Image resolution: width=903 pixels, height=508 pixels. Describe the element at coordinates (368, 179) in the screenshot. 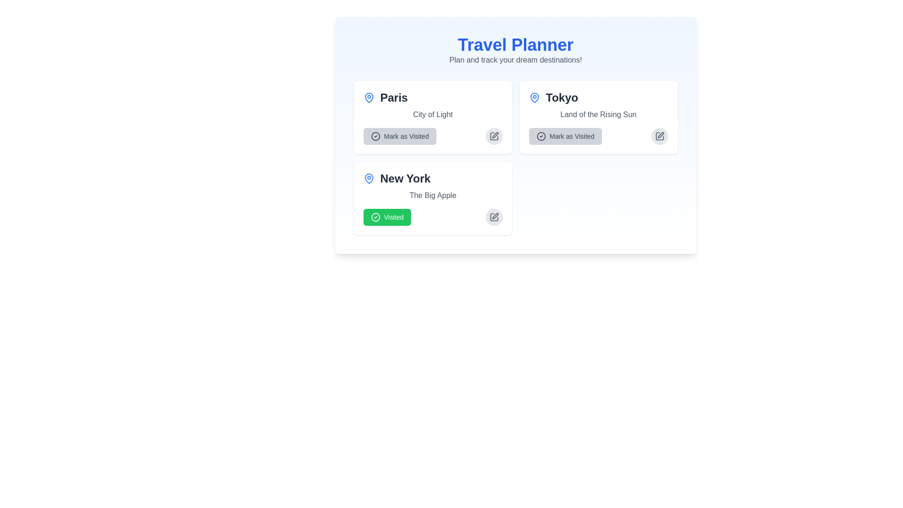

I see `the blue pin or map marker icon located in the top-left corner of the card labeled 'Paris.'` at that location.